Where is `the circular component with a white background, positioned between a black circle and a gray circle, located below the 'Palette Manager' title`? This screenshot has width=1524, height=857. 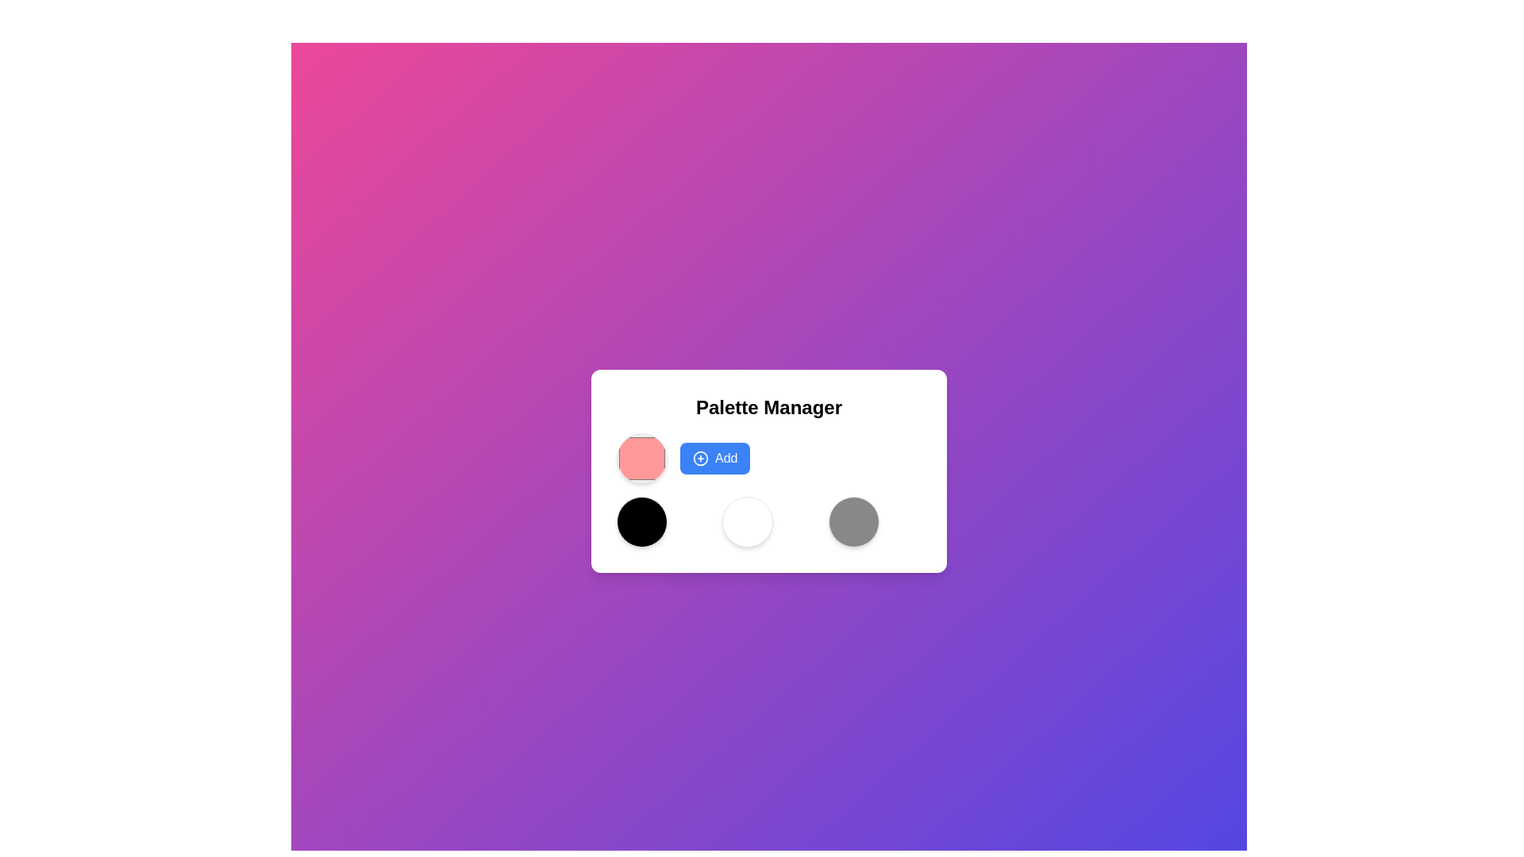 the circular component with a white background, positioned between a black circle and a gray circle, located below the 'Palette Manager' title is located at coordinates (746, 522).